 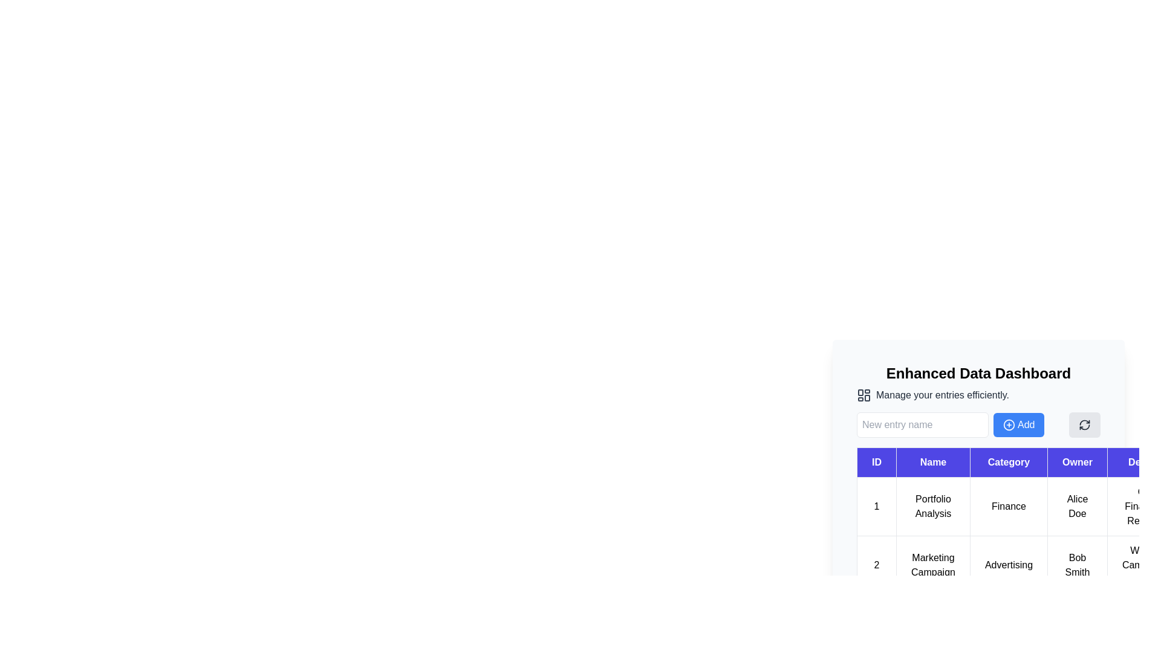 What do you see at coordinates (1085, 424) in the screenshot?
I see `the Circular refresh icon located within the button styled with rounded edges` at bounding box center [1085, 424].